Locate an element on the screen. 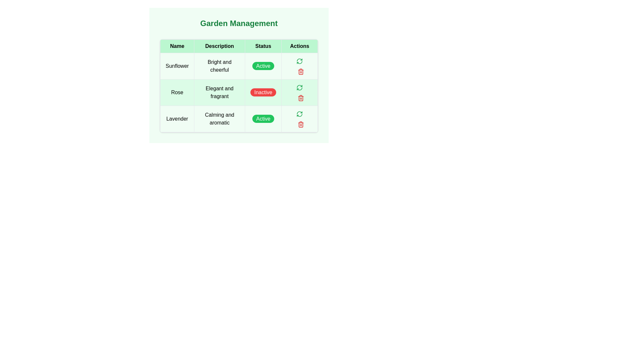  the section title 'Garden Management' which is styled with bold, extra-large font in green color, located at the top of the section is located at coordinates (239, 23).